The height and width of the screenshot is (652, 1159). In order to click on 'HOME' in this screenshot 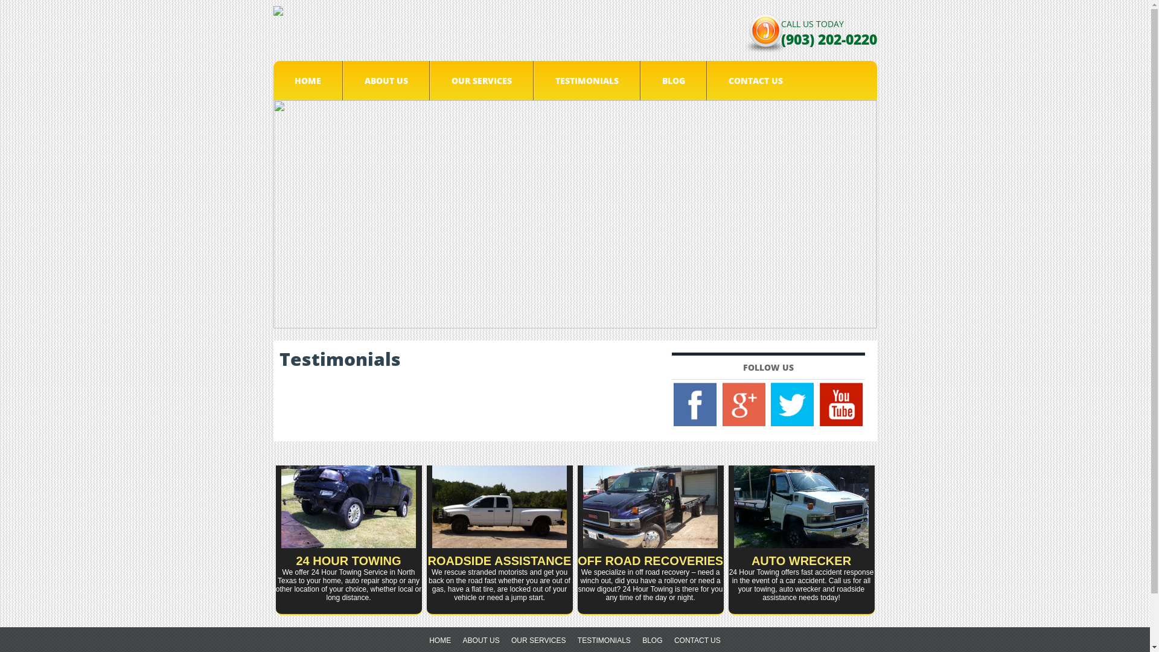, I will do `click(429, 639)`.